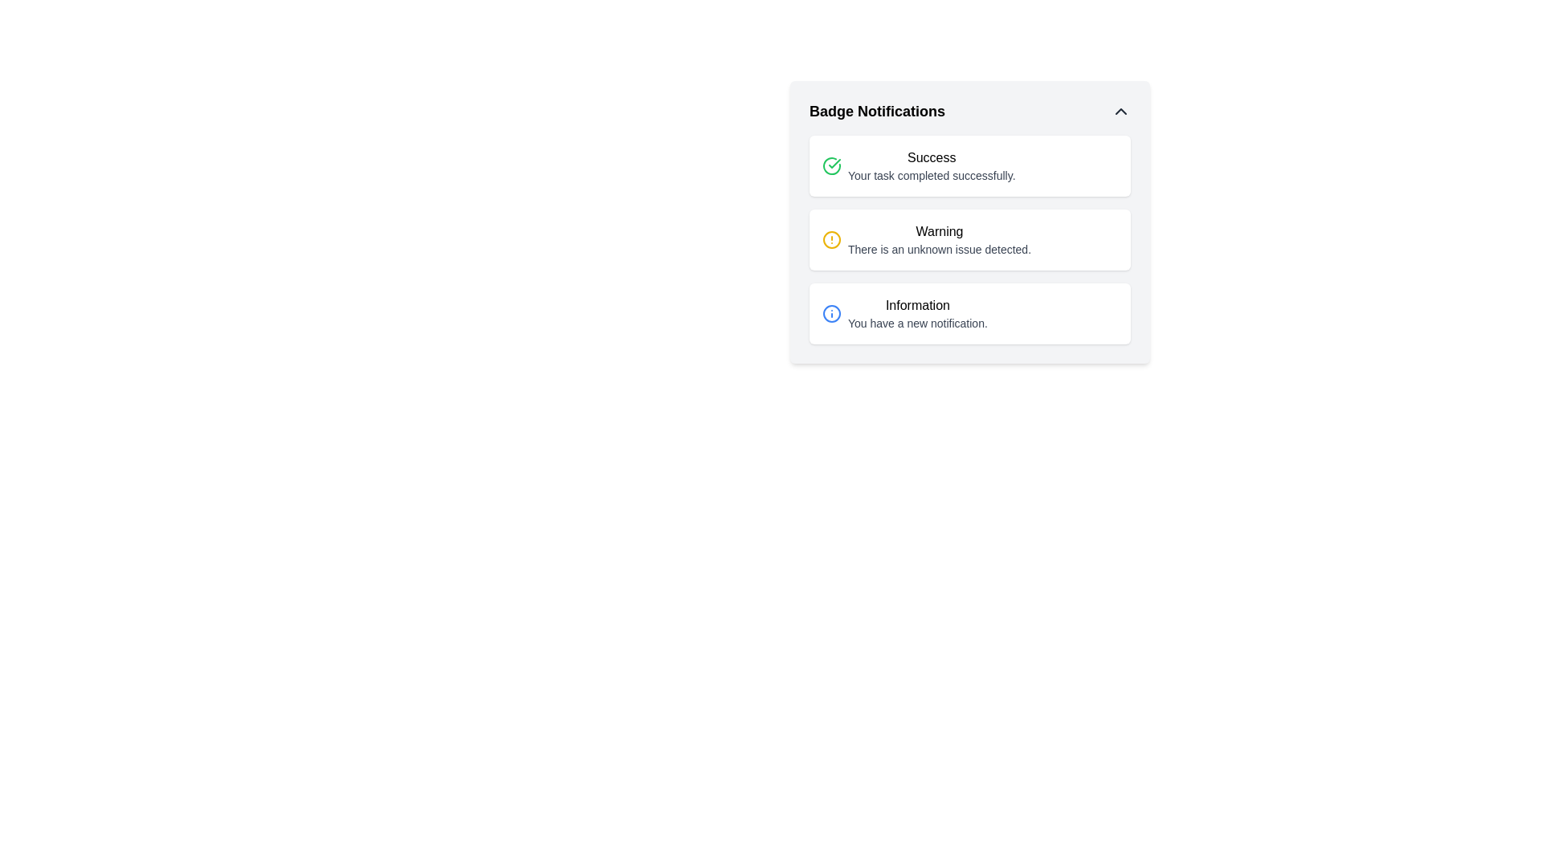 Image resolution: width=1542 pixels, height=867 pixels. I want to click on the 'Warning' text label located at the upper half of the notification card in the 'Badge Notifications' section, which serves as the title for the warning message, so click(940, 232).